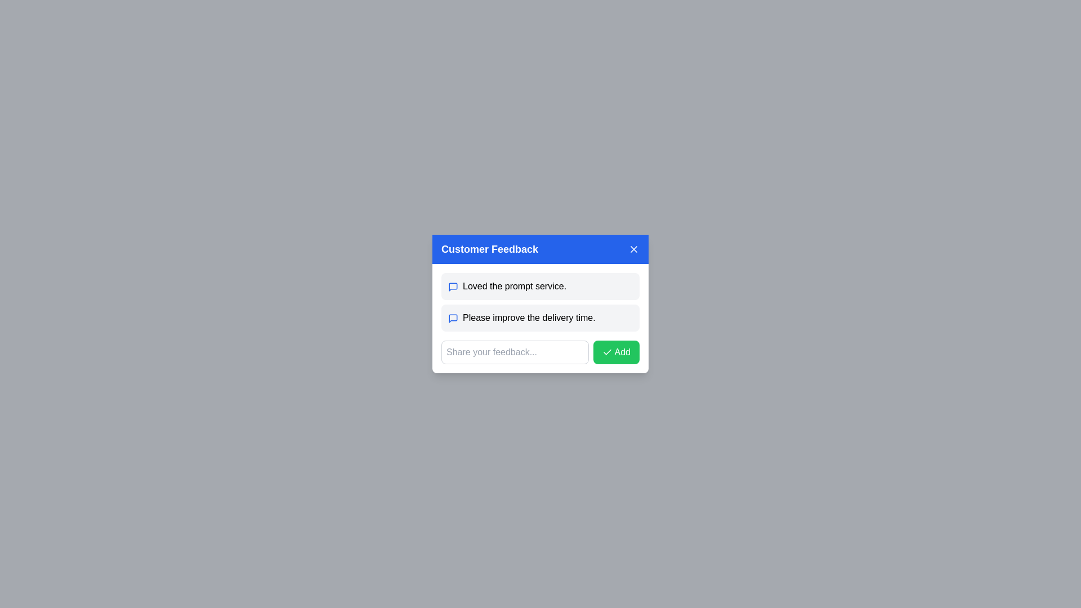 The width and height of the screenshot is (1081, 608). I want to click on the comment bubble icon, which is a minimalist blue speech bubble located to the left of the text starting with 'Please improve the delivery time.', so click(453, 319).